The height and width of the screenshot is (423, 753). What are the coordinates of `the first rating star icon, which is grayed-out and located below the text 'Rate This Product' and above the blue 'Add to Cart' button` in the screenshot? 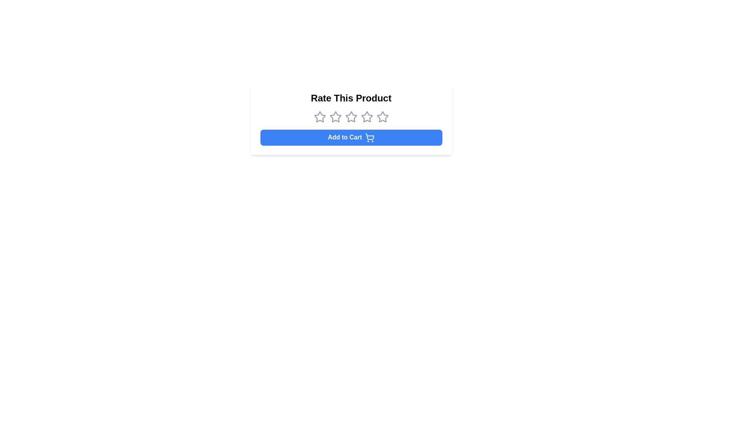 It's located at (320, 117).